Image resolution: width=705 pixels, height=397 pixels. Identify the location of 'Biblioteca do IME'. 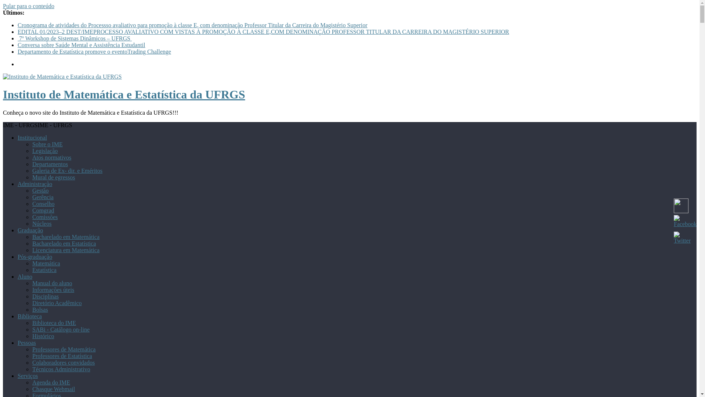
(54, 322).